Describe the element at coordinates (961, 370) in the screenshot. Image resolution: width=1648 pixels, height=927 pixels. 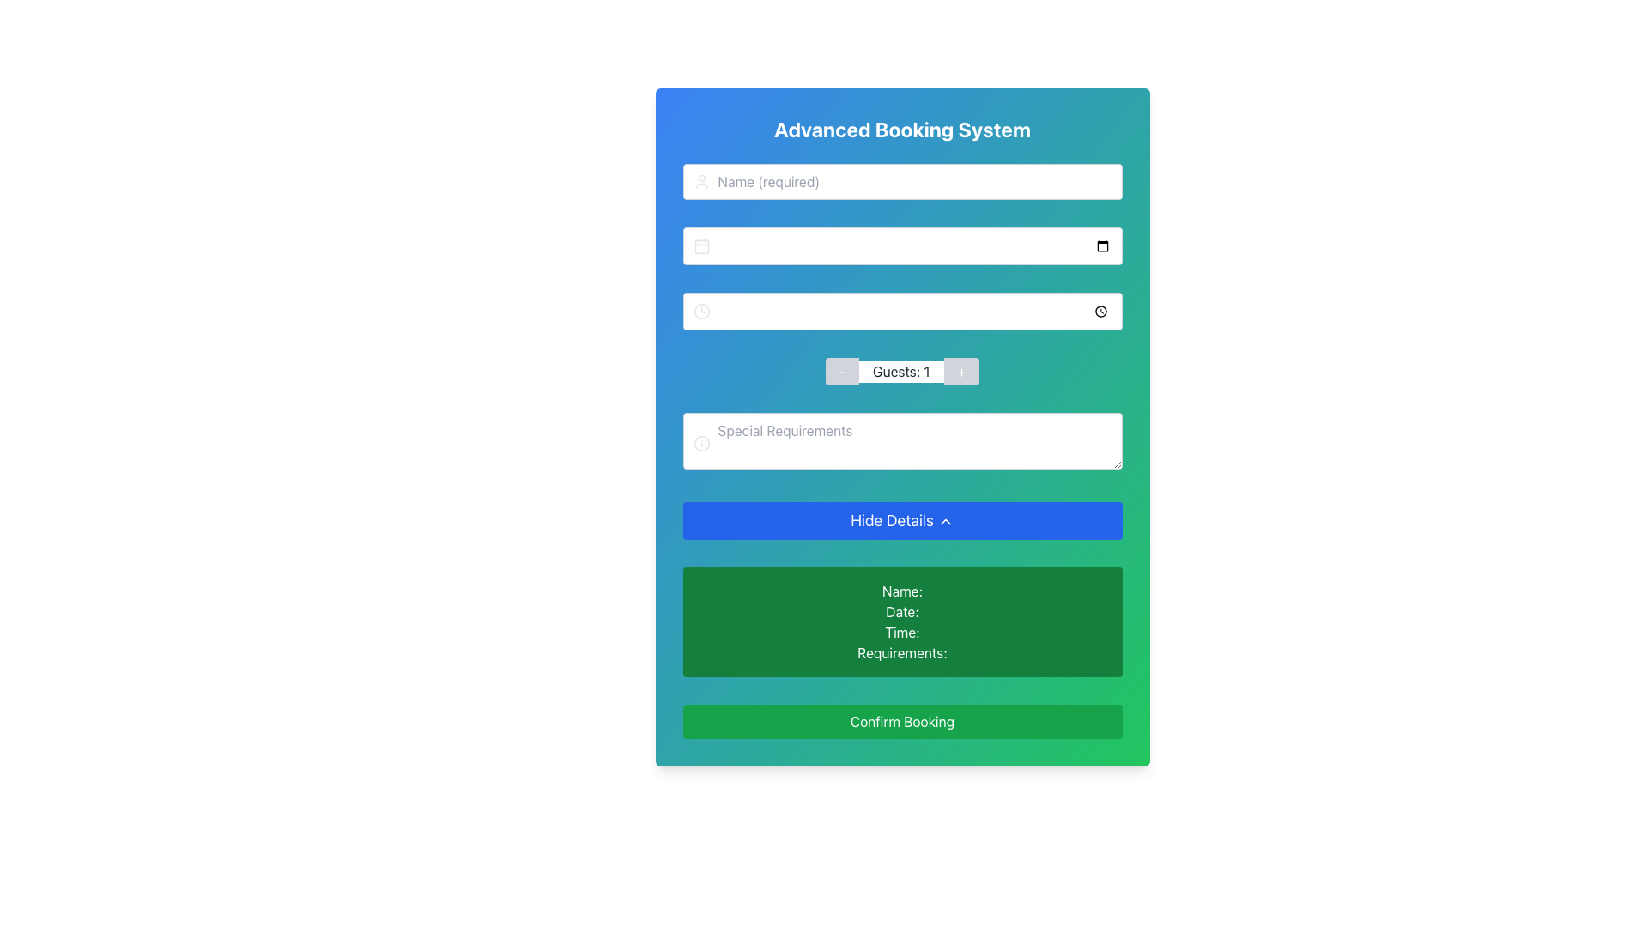
I see `the '+' button on the rightmost side of the row` at that location.